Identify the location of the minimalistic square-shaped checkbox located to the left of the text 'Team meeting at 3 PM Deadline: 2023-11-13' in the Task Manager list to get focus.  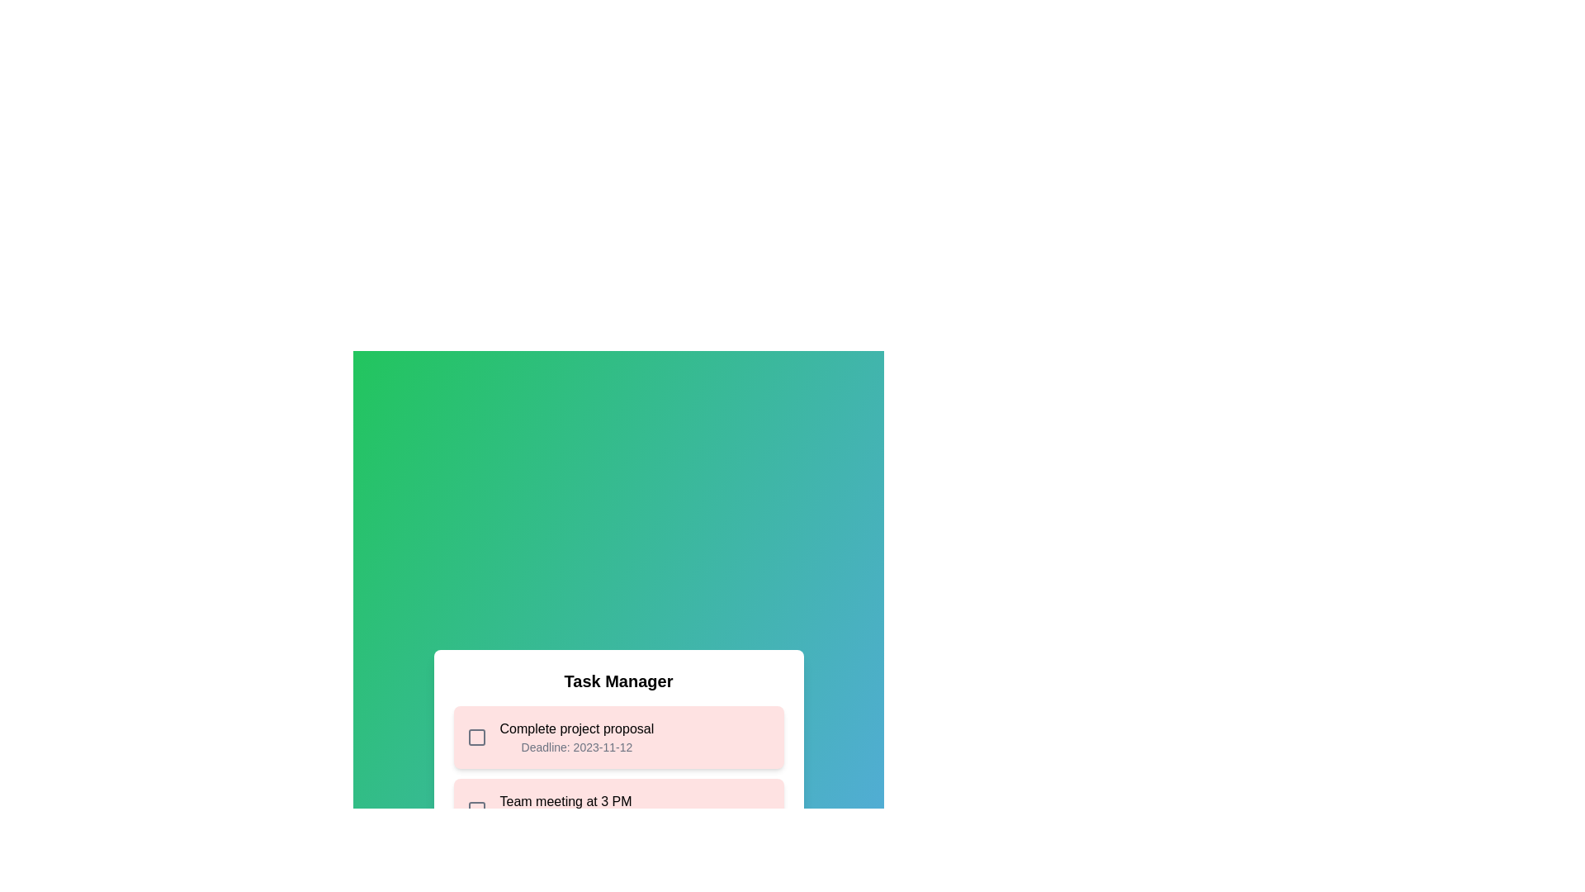
(475, 809).